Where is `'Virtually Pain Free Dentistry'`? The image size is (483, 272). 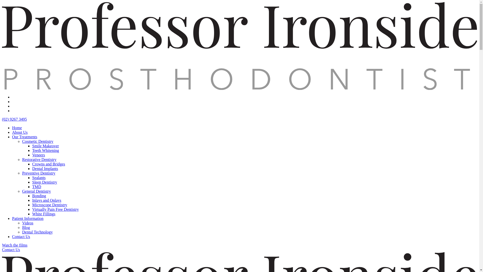
'Virtually Pain Free Dentistry' is located at coordinates (55, 209).